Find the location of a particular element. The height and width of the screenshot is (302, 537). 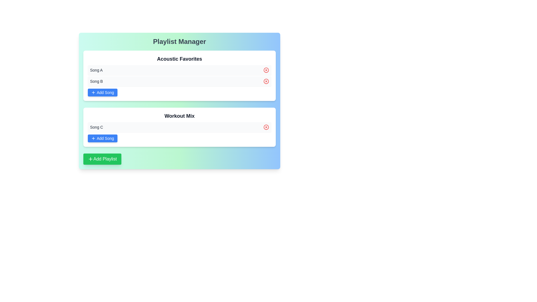

the 'Add Song' button using keyboard navigation is located at coordinates (93, 138).